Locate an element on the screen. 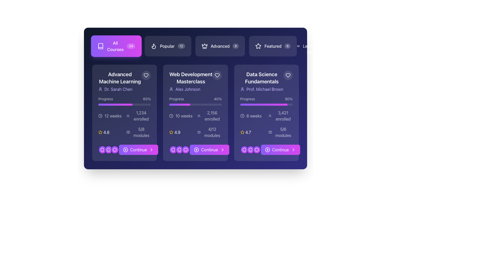 Image resolution: width=493 pixels, height=277 pixels. progress completion is located at coordinates (100, 104).